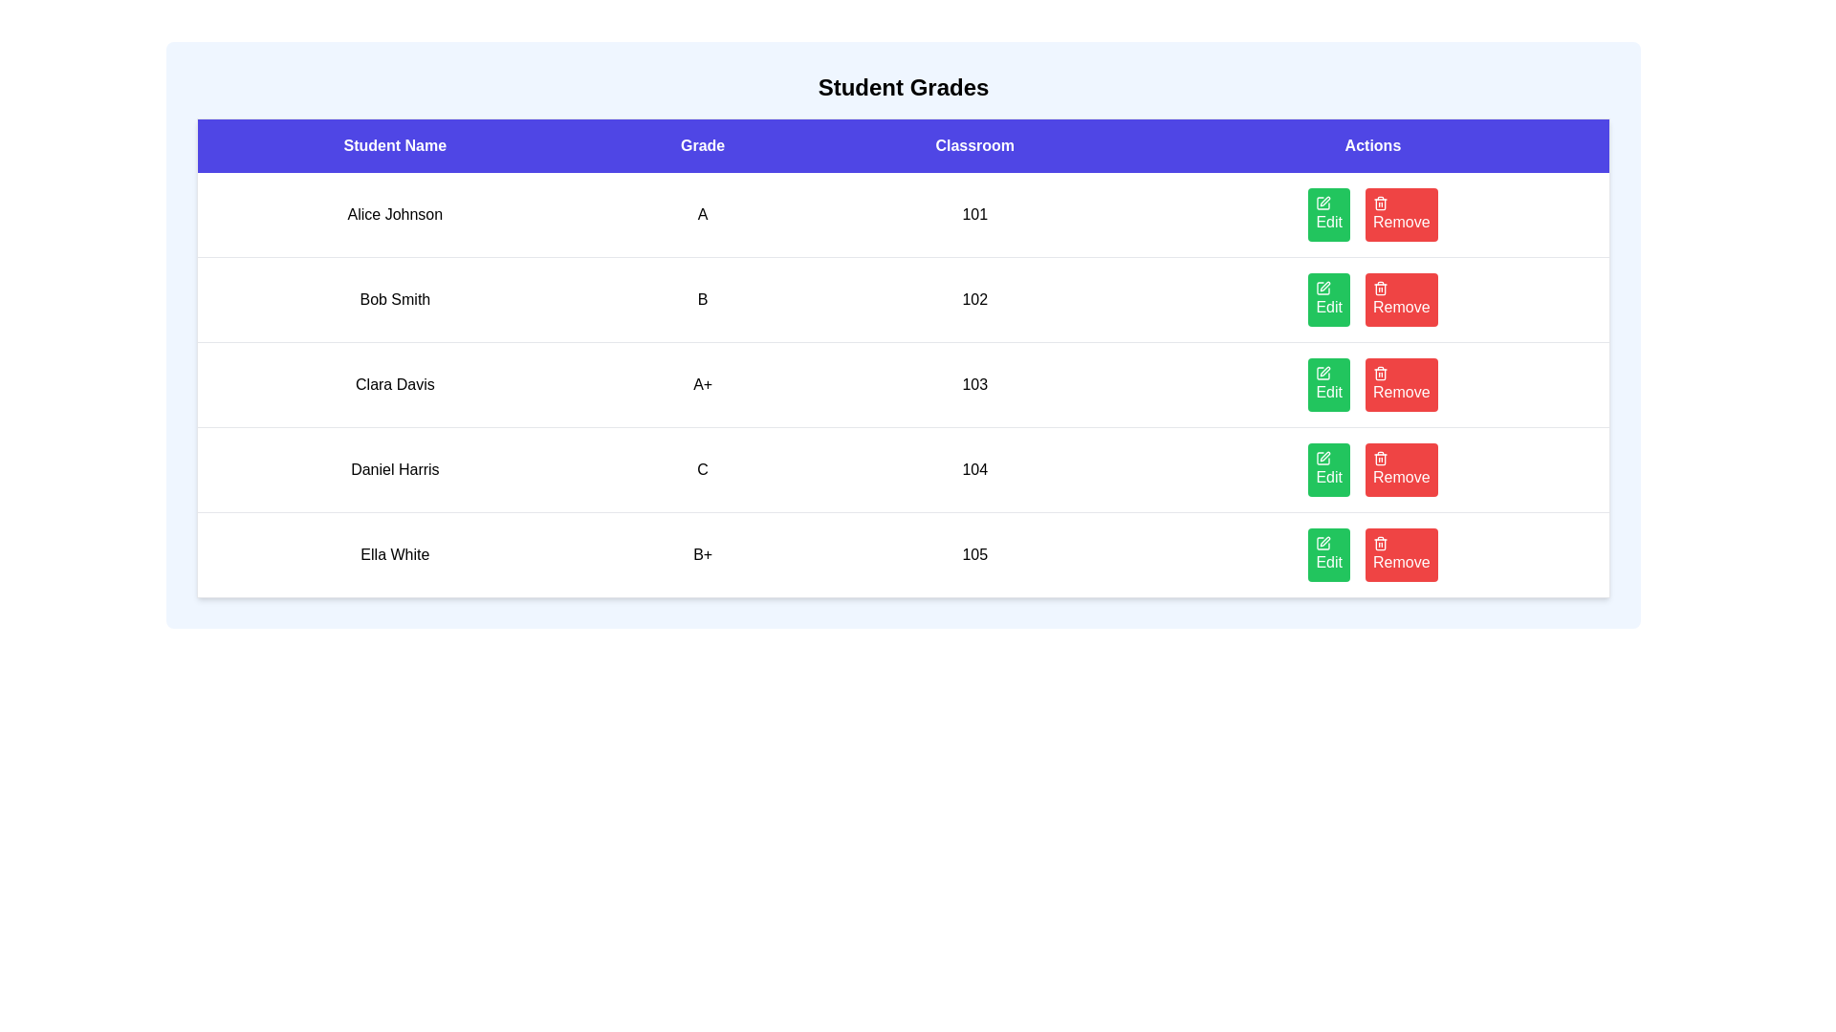 The width and height of the screenshot is (1836, 1032). Describe the element at coordinates (1400, 299) in the screenshot. I see `the Remove button for the student named Bob Smith` at that location.